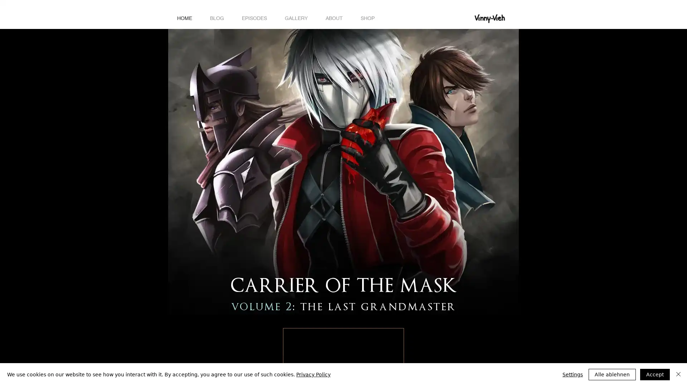  What do you see at coordinates (655, 374) in the screenshot?
I see `Accept` at bounding box center [655, 374].